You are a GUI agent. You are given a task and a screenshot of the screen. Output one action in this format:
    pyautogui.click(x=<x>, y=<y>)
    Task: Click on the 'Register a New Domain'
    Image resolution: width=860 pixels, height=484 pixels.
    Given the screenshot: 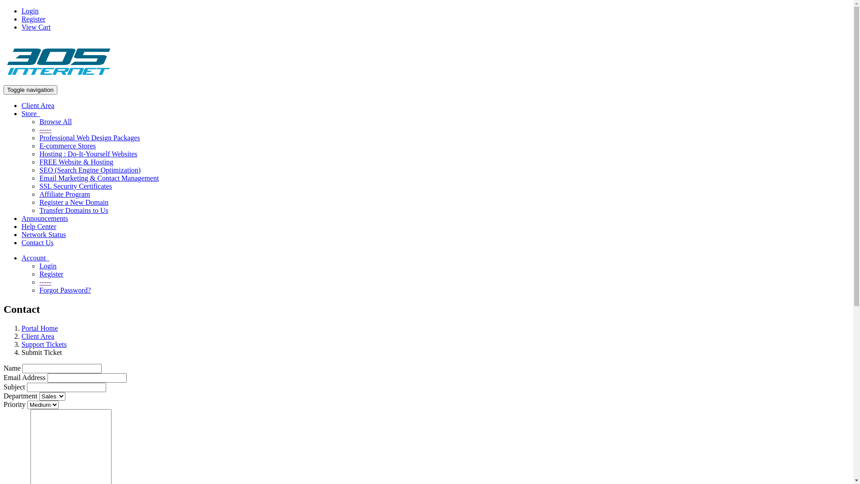 What is the action you would take?
    pyautogui.click(x=39, y=202)
    